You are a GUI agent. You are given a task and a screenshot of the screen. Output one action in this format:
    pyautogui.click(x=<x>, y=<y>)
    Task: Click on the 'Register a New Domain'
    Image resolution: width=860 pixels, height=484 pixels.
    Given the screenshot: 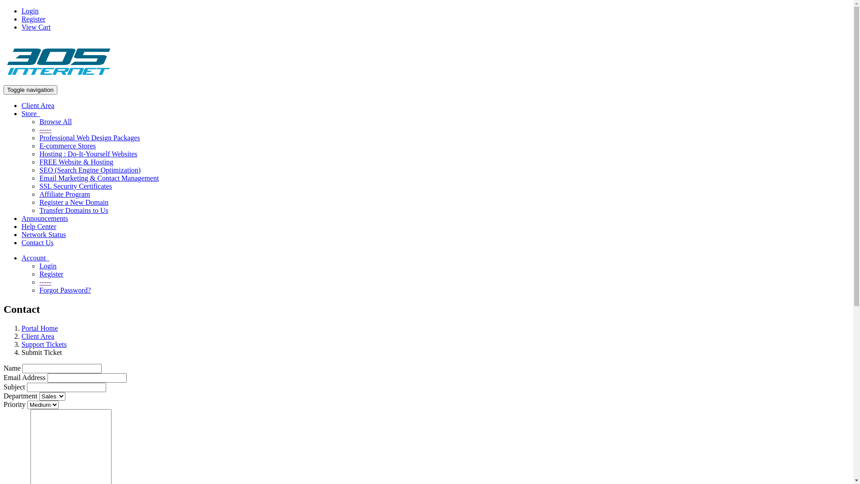 What is the action you would take?
    pyautogui.click(x=39, y=202)
    